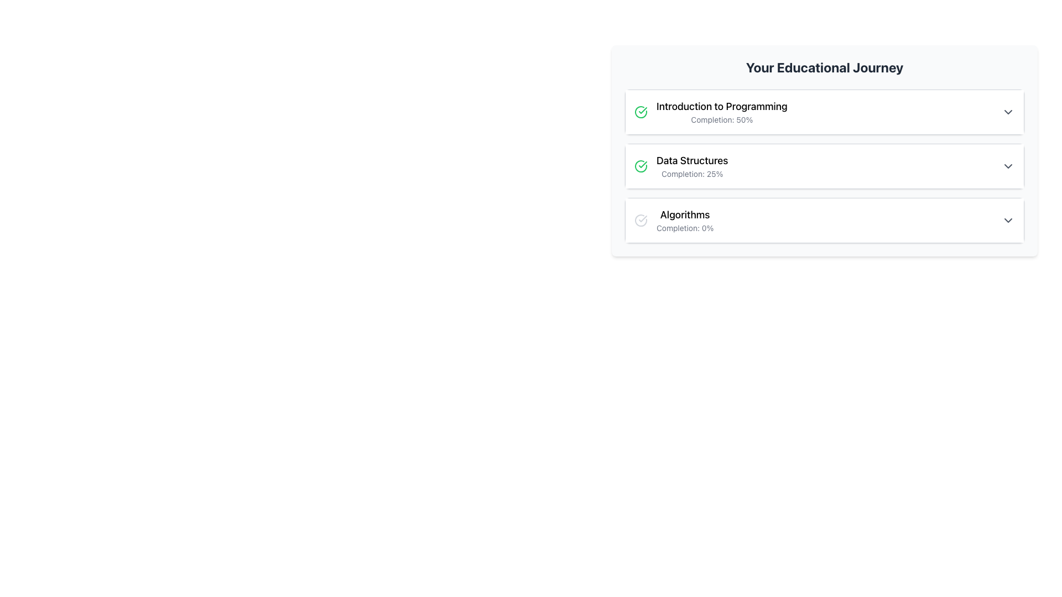  What do you see at coordinates (641, 166) in the screenshot?
I see `the green checkmark icon within a circle, which indicates a successful status for 'Data Structures' completion` at bounding box center [641, 166].